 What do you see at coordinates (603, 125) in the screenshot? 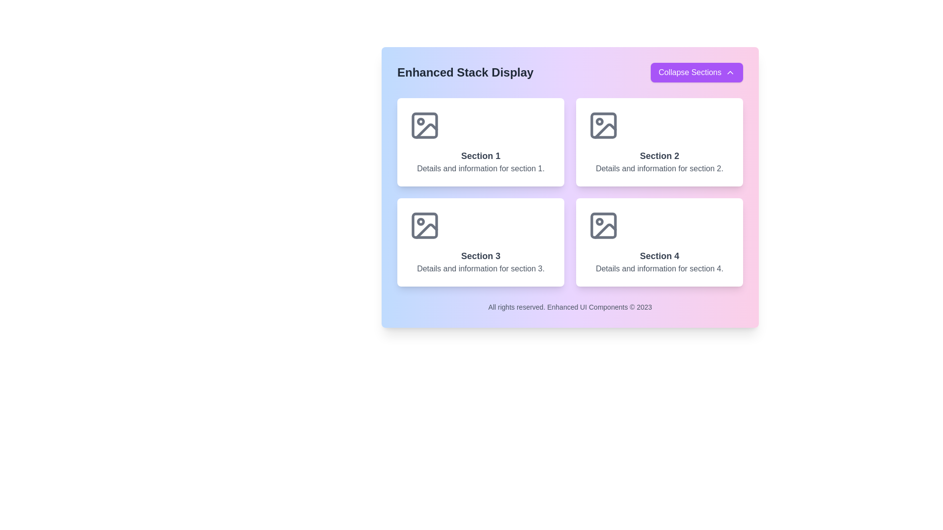
I see `the small rectangular icon with rounded corners, located at the top-left corner of the card labeled 'Section 2', which serves as an image placeholder` at bounding box center [603, 125].